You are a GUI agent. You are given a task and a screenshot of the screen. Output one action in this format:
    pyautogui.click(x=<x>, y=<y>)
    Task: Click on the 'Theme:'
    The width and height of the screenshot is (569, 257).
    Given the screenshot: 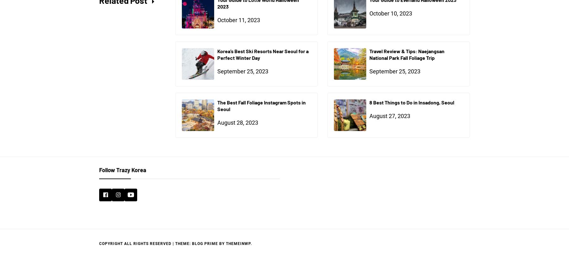 What is the action you would take?
    pyautogui.click(x=183, y=243)
    